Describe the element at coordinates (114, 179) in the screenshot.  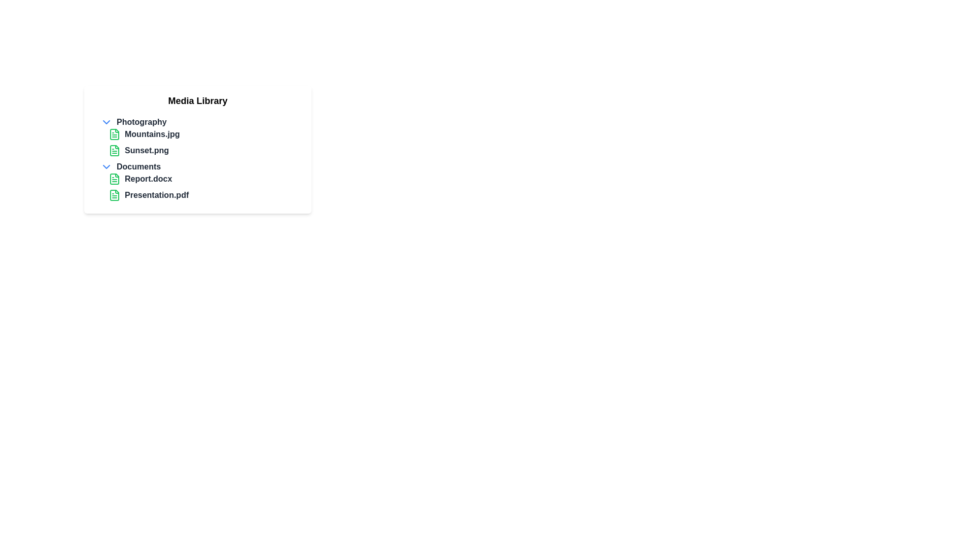
I see `the green-colored document file icon located to the left of the text 'Report.docx' in the 'Documents' subgroup of the 'Media Library' section` at that location.